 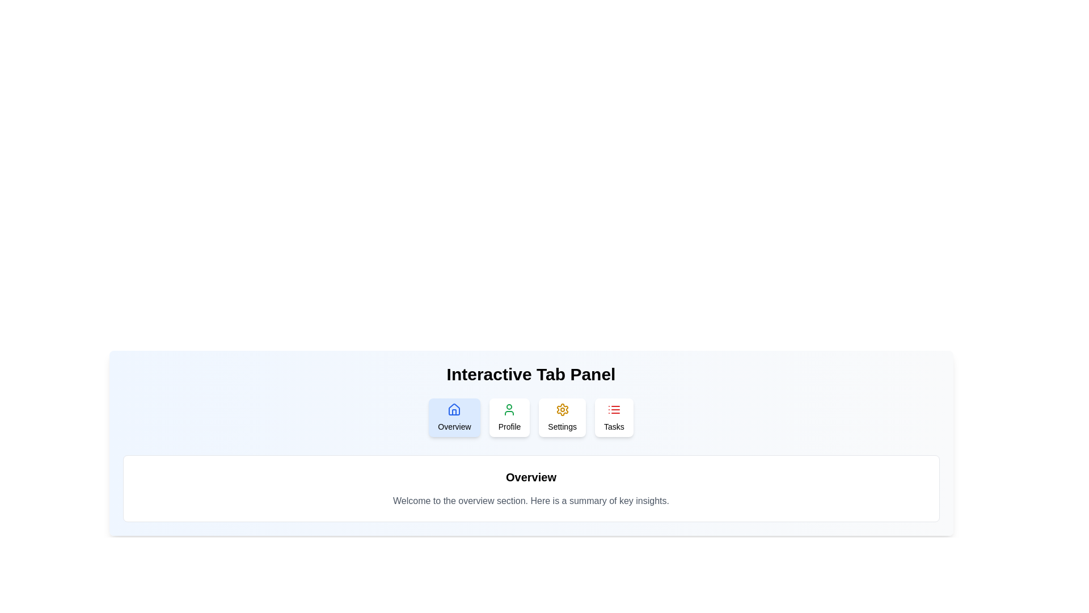 I want to click on the Profile tab to observe the transition and content change, so click(x=508, y=418).